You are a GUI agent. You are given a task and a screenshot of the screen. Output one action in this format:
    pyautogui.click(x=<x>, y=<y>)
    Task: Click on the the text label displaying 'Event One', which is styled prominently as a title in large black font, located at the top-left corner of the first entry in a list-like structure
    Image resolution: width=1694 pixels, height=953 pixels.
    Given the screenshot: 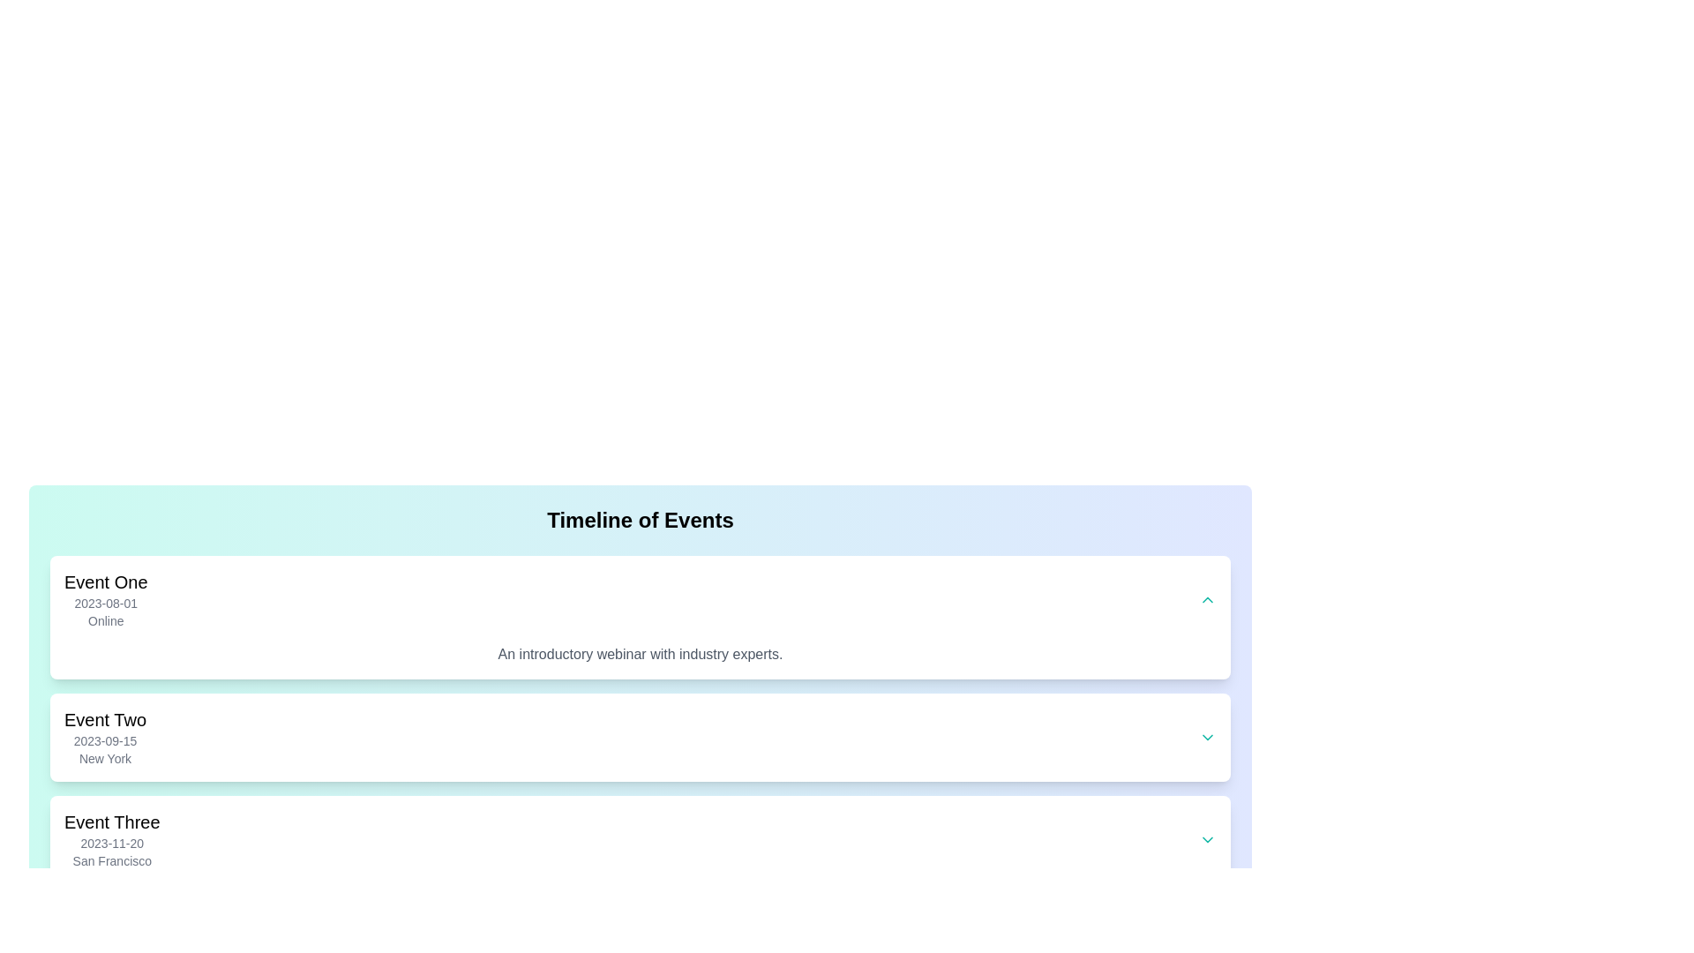 What is the action you would take?
    pyautogui.click(x=105, y=582)
    